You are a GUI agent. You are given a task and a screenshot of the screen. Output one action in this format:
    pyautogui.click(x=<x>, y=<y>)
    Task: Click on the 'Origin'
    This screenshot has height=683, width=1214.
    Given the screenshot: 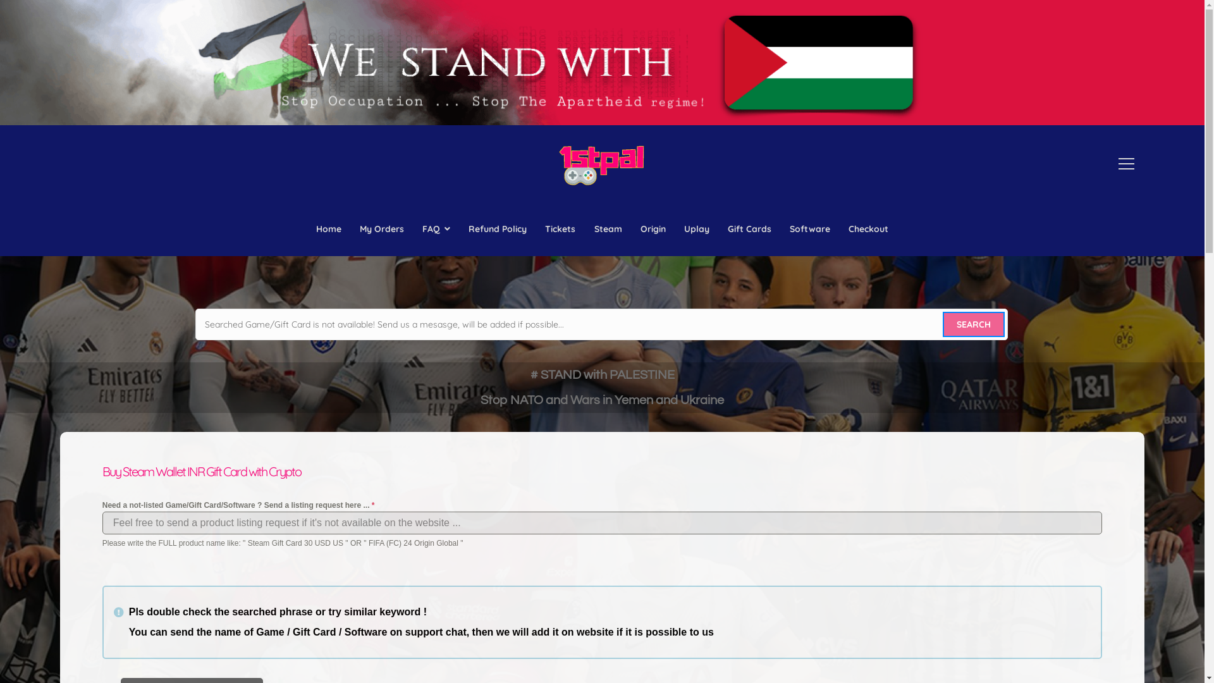 What is the action you would take?
    pyautogui.click(x=634, y=229)
    